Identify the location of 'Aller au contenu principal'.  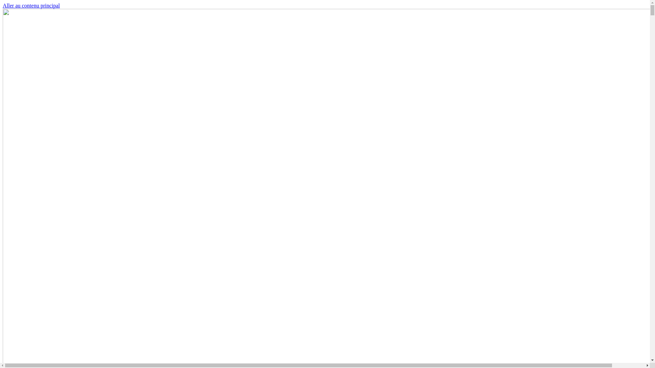
(31, 5).